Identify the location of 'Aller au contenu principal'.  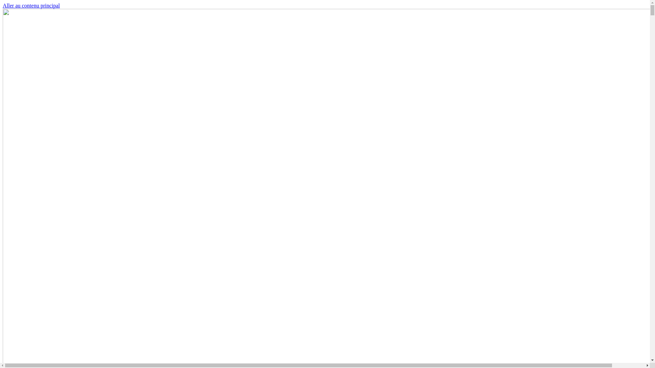
(31, 5).